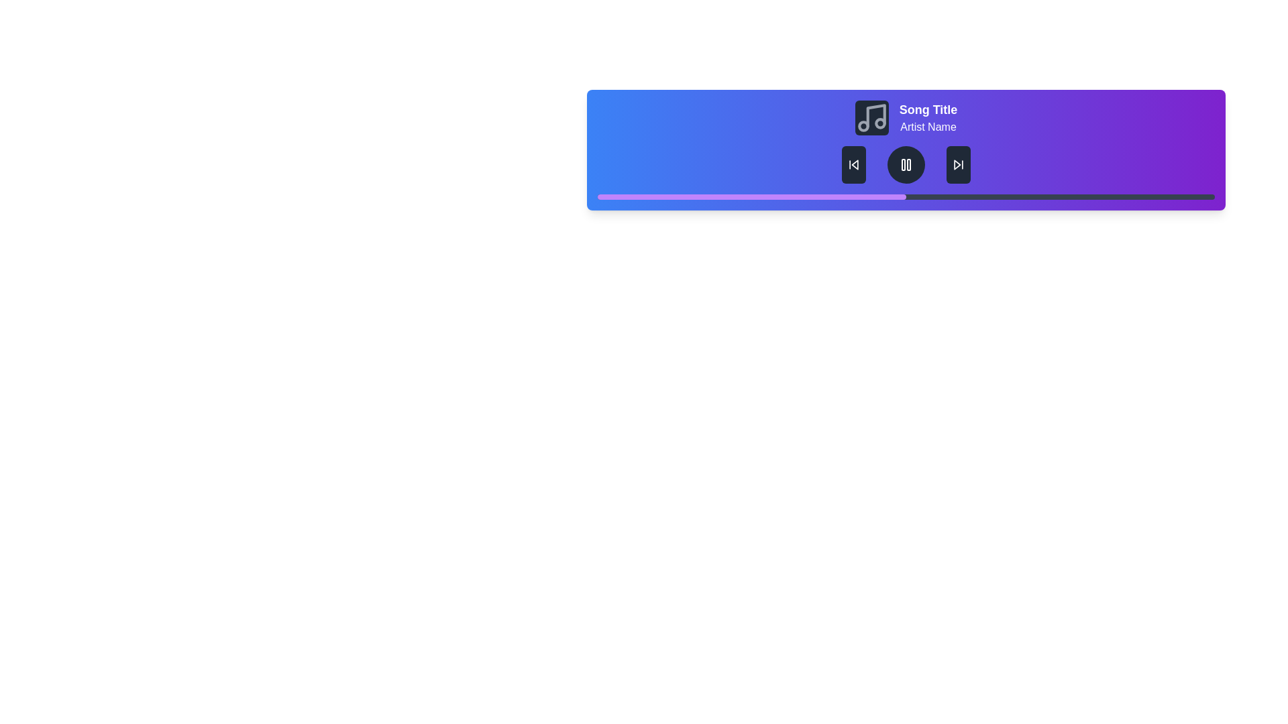 The width and height of the screenshot is (1288, 724). Describe the element at coordinates (906, 164) in the screenshot. I see `the play/pause button located centrally in the media playback interface to observe its hover state` at that location.